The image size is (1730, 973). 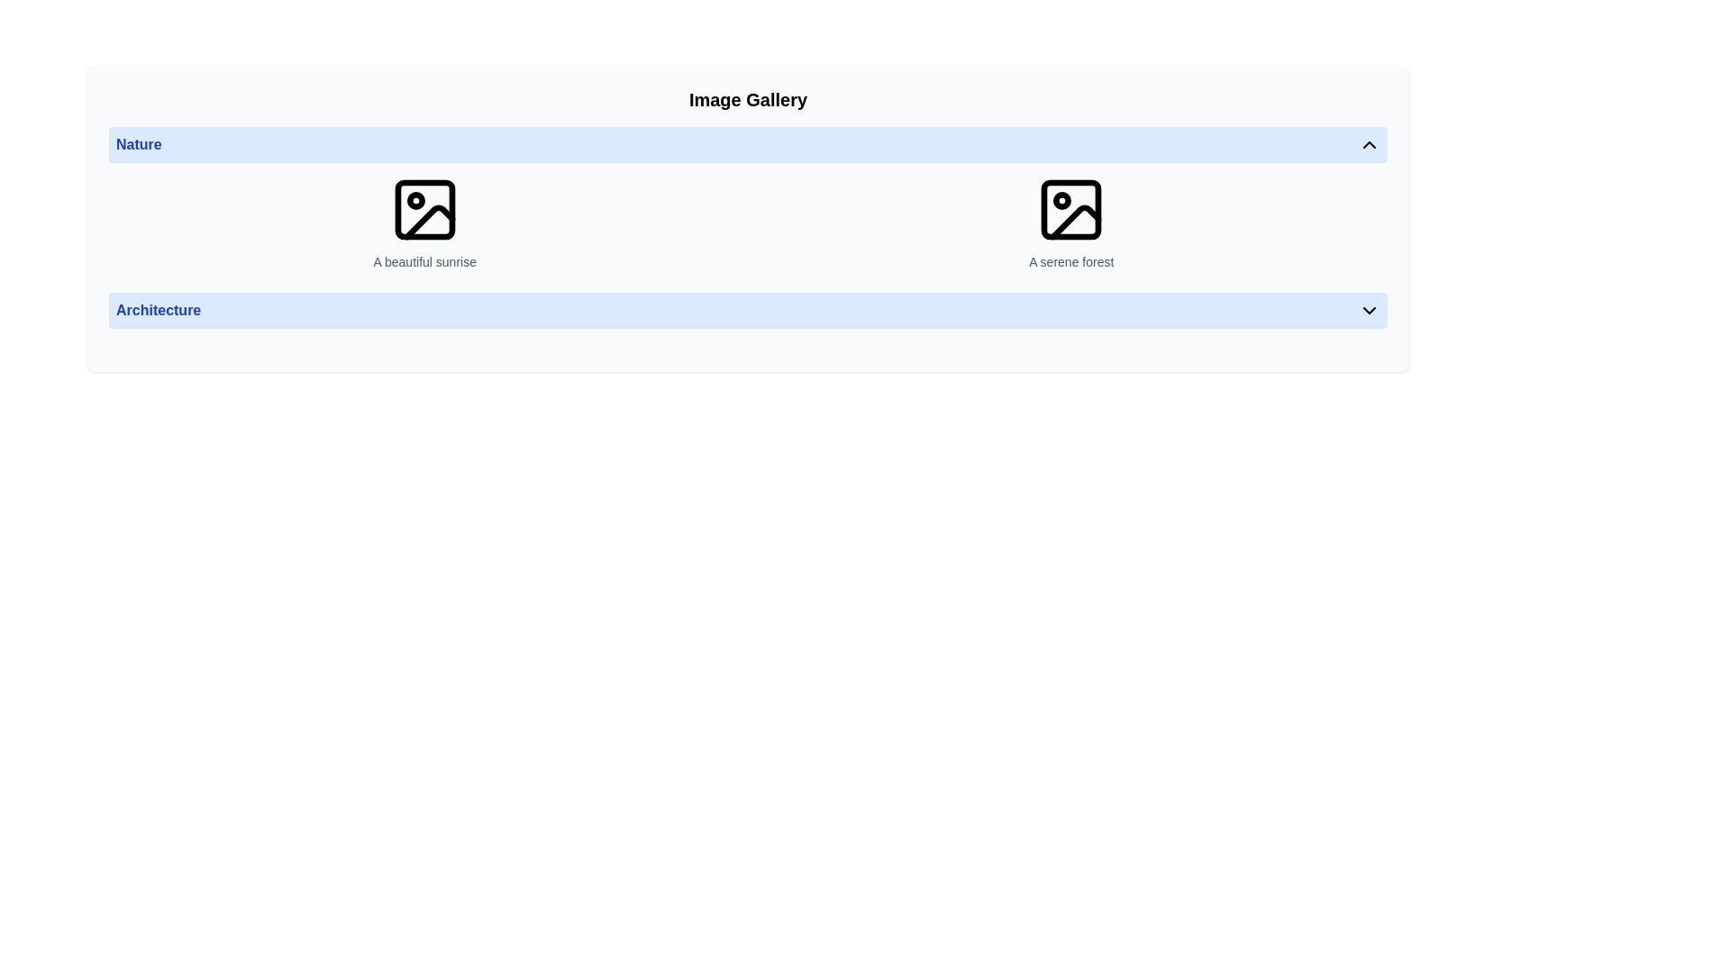 What do you see at coordinates (1071, 261) in the screenshot?
I see `information displayed in the text component showing the phrase 'A serene forest', located beneath an image icon in the second item of the horizontal image gallery row under the 'Nature' section` at bounding box center [1071, 261].